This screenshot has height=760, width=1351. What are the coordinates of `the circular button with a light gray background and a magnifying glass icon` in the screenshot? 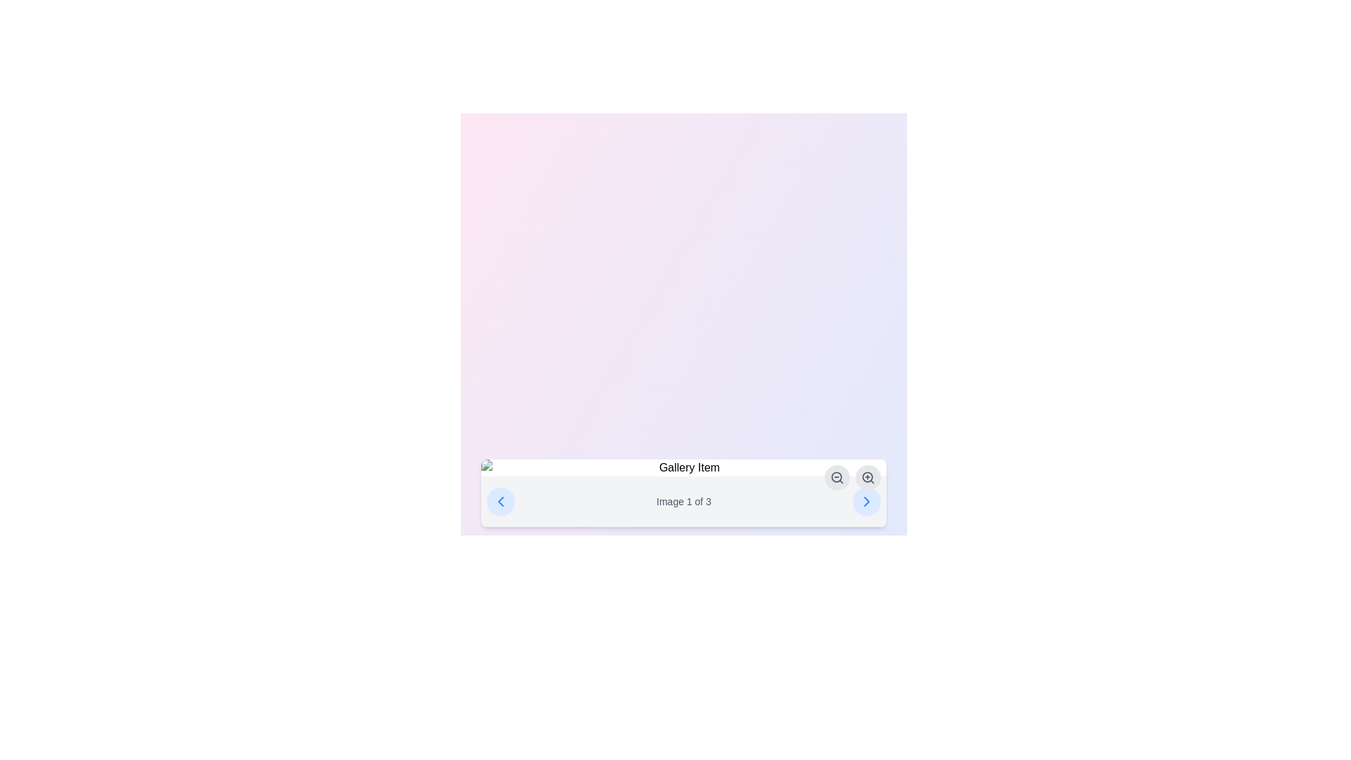 It's located at (837, 476).